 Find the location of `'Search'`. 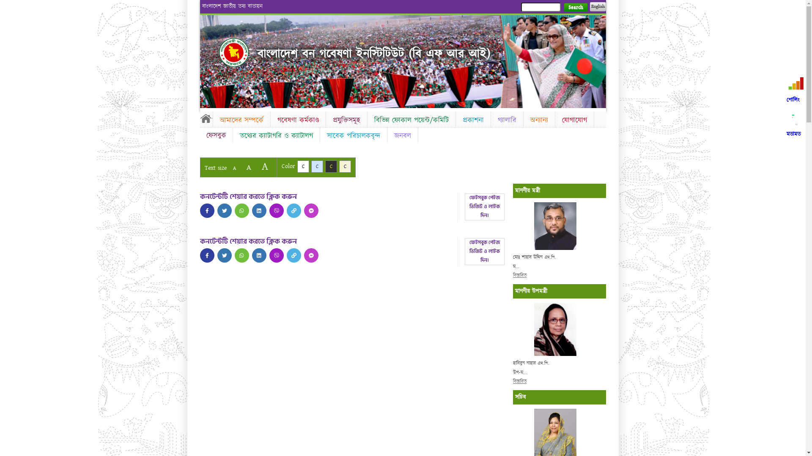

'Search' is located at coordinates (575, 7).